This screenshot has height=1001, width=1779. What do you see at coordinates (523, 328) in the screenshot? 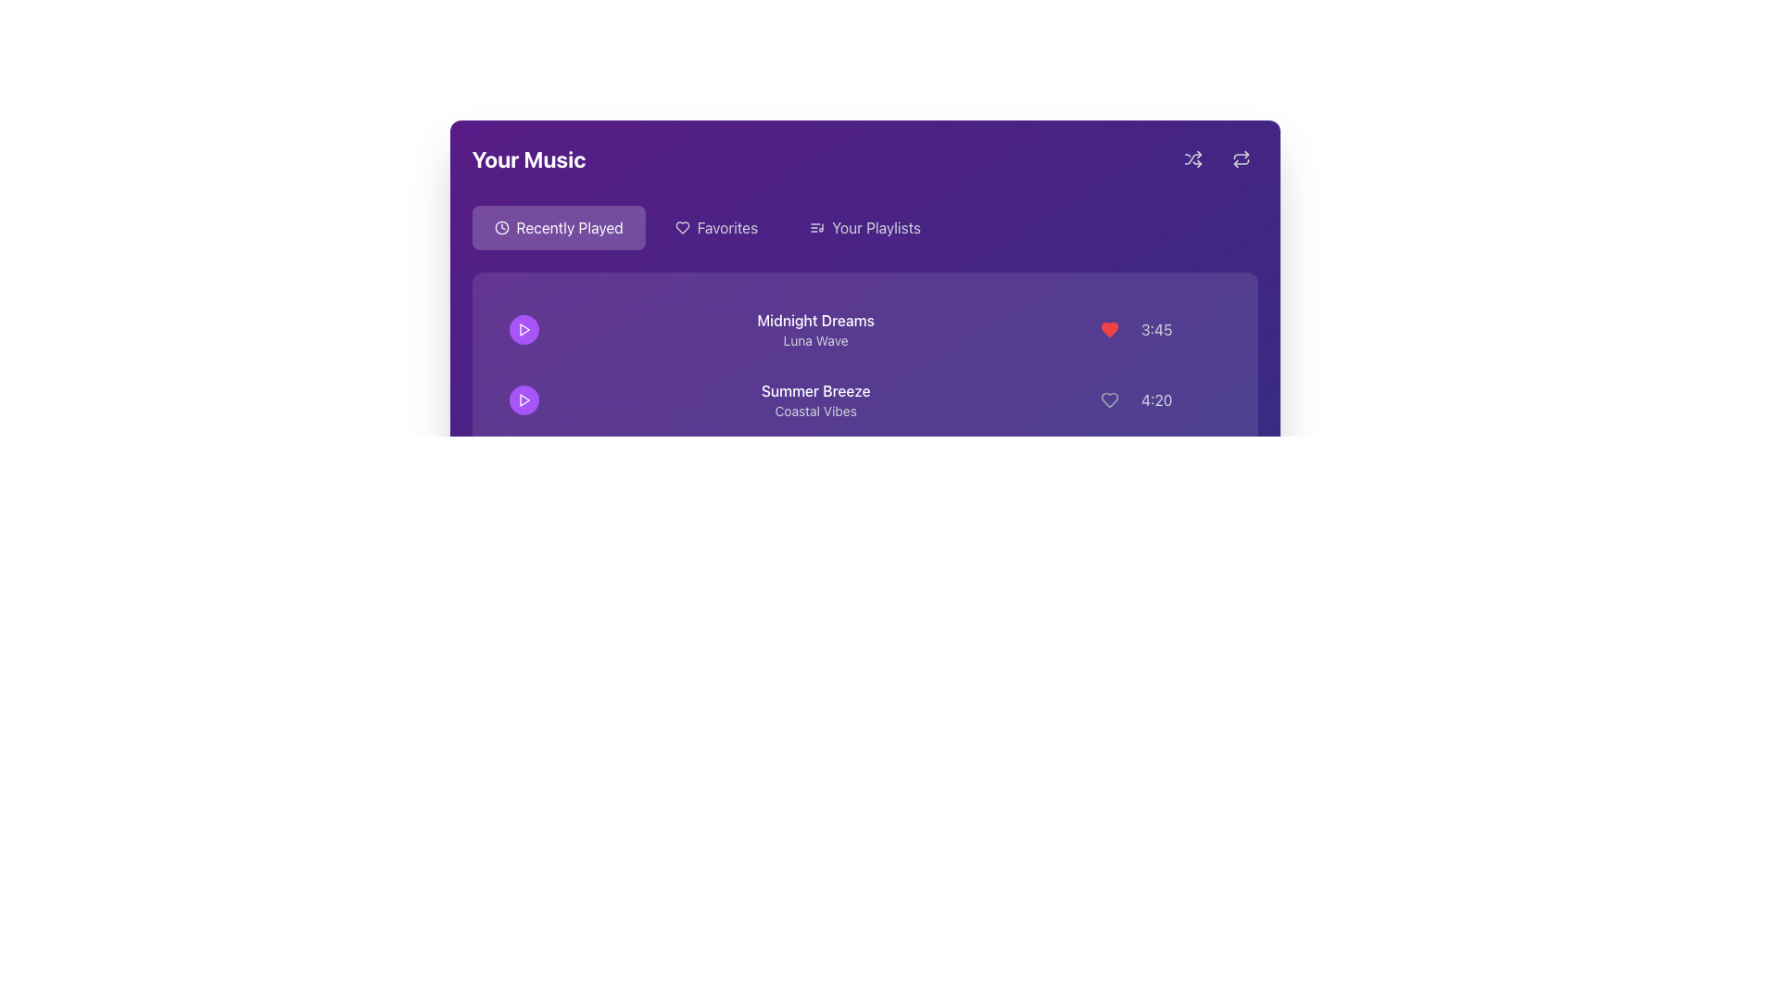
I see `the circular purple button with a white triangular play icon, located at the top of the song list for the 'Midnight Dreams' song, to initiate the play function` at bounding box center [523, 328].